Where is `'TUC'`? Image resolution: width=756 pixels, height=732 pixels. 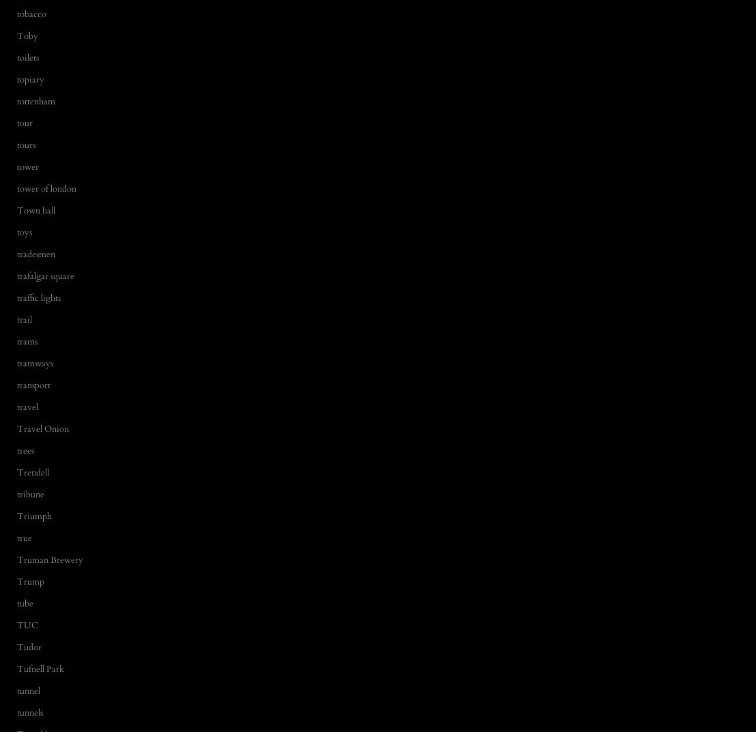 'TUC' is located at coordinates (27, 625).